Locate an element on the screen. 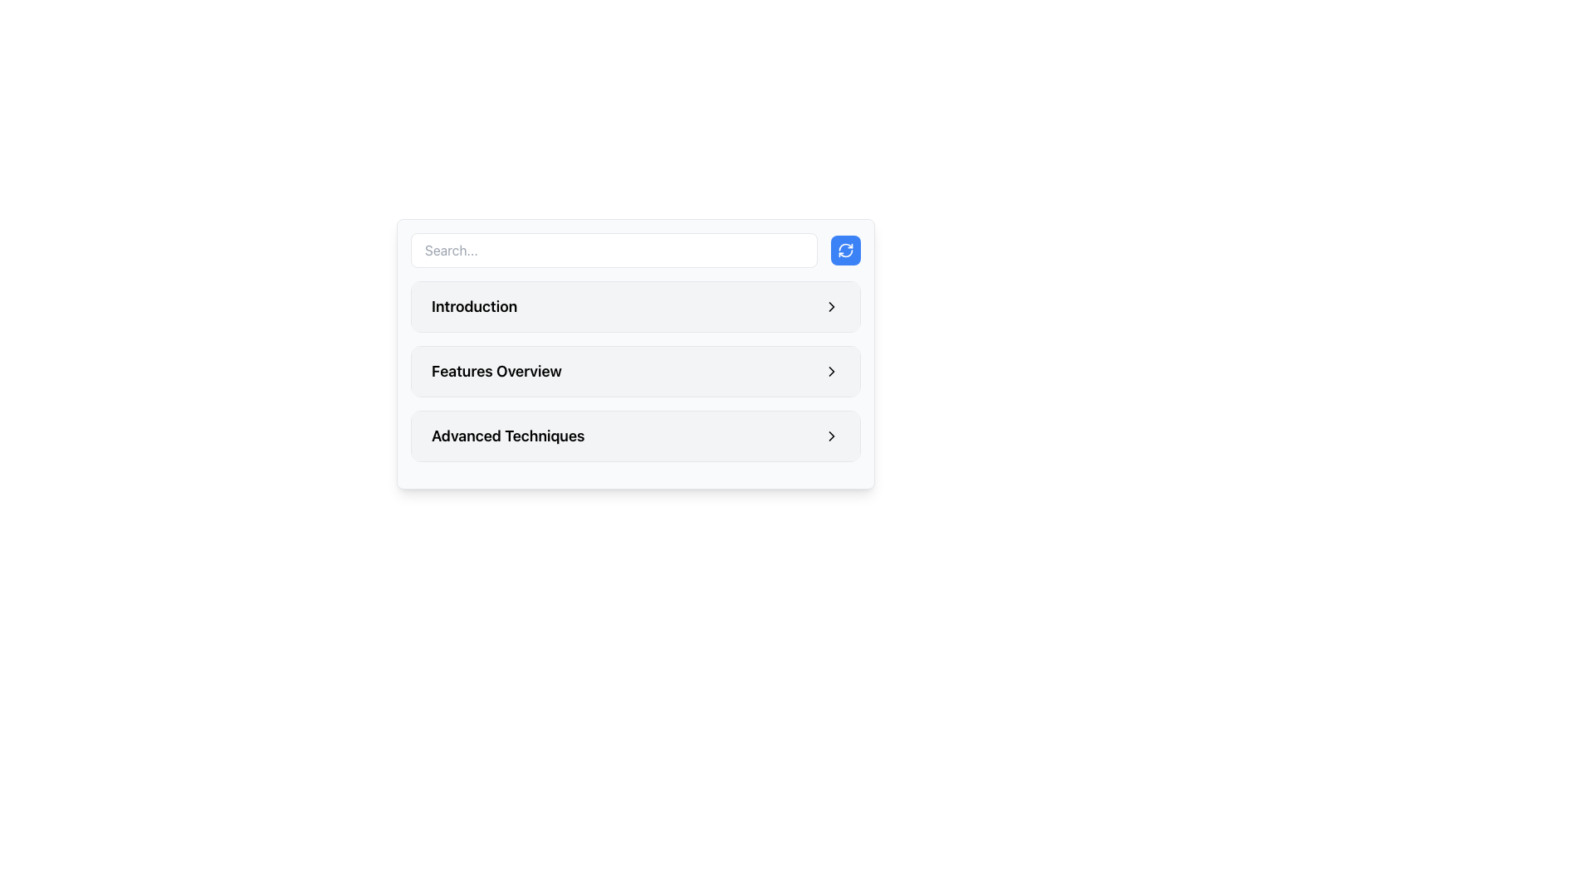  the navigation icon located at the rightmost position of the 'Advanced Techniques' entry is located at coordinates (832, 435).